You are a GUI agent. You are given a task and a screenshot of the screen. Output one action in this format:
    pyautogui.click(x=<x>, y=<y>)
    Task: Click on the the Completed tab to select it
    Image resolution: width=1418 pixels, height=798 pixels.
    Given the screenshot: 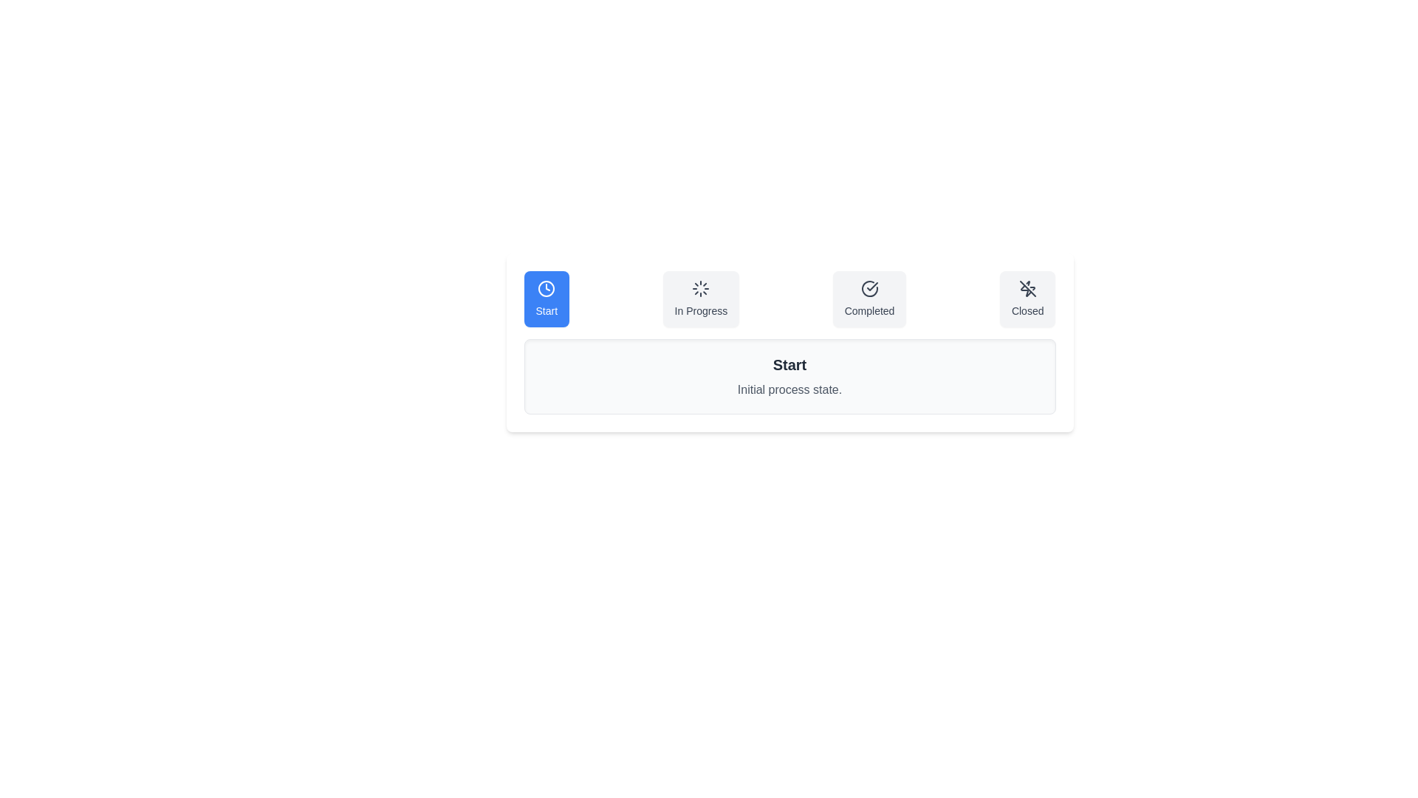 What is the action you would take?
    pyautogui.click(x=869, y=299)
    